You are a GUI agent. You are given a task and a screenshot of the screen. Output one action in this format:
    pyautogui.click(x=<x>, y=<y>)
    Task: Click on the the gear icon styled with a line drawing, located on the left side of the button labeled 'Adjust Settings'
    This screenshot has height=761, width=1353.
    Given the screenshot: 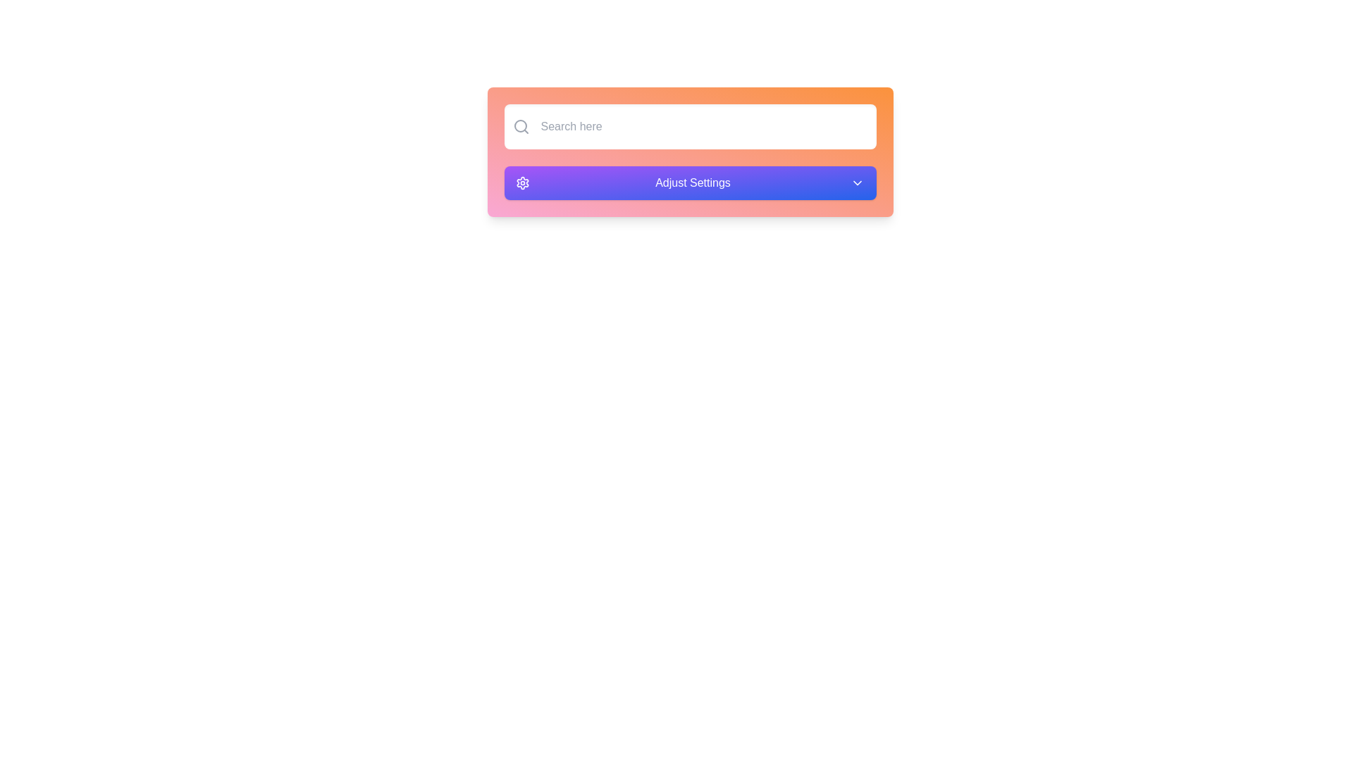 What is the action you would take?
    pyautogui.click(x=521, y=182)
    